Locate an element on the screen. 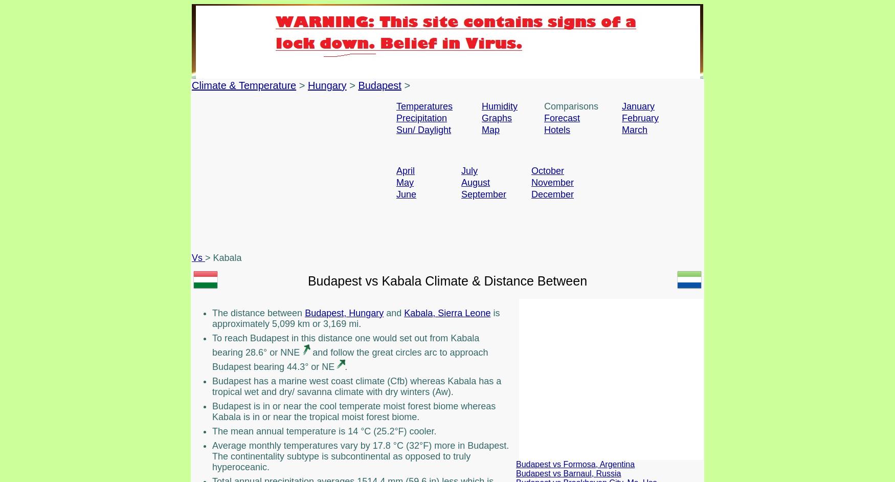  'Budapest vs Barnaul, Russia' is located at coordinates (568, 472).